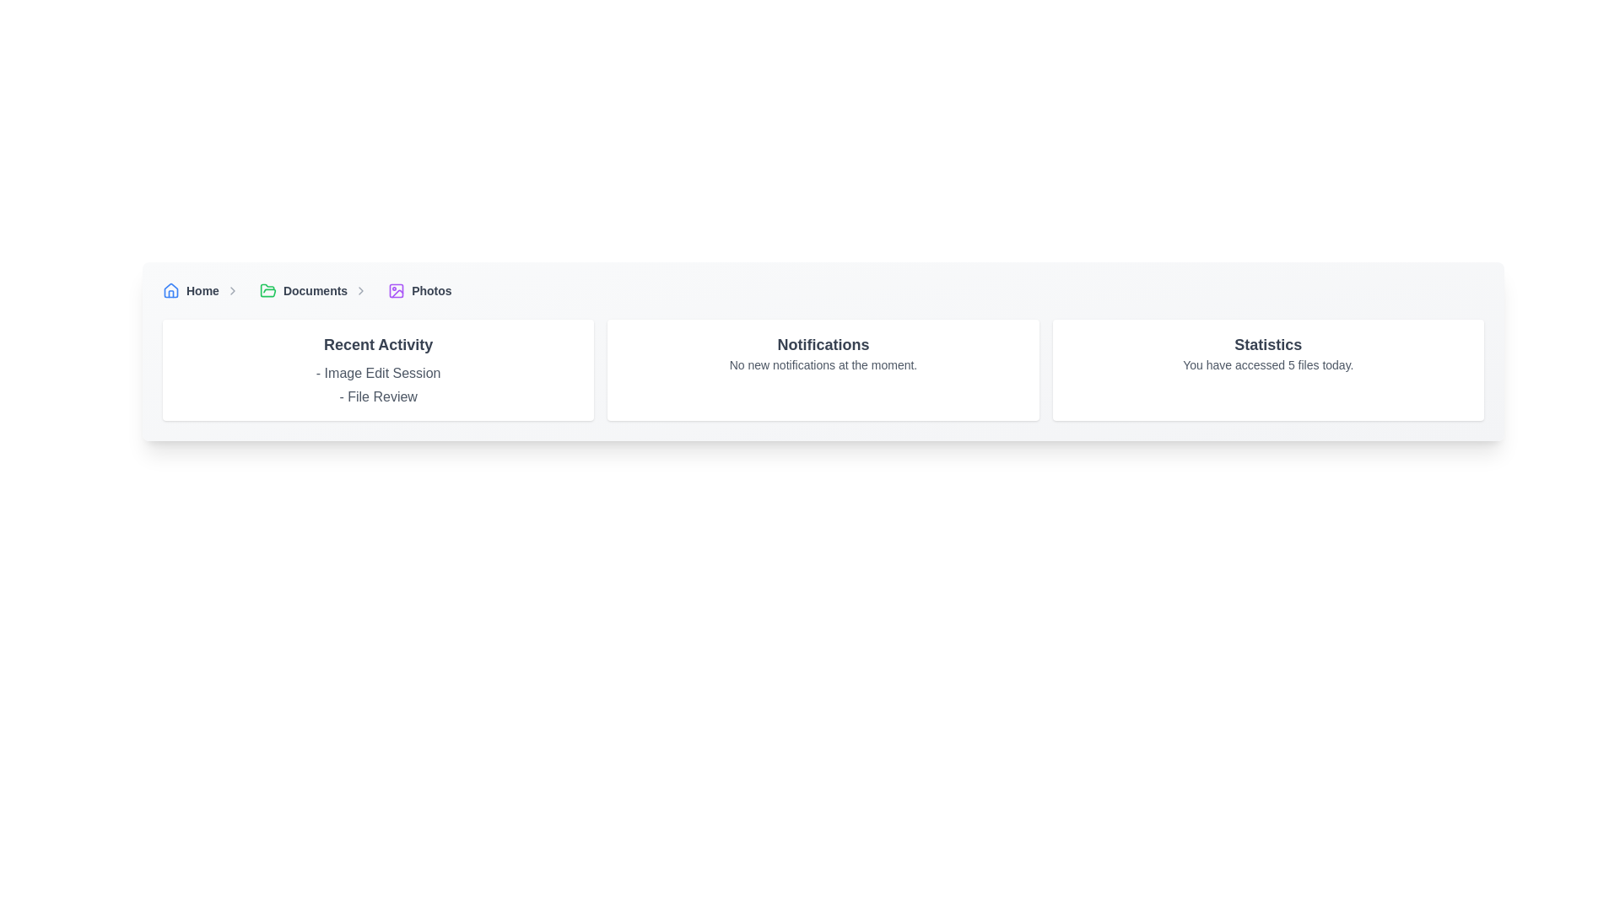 This screenshot has height=911, width=1620. What do you see at coordinates (377, 373) in the screenshot?
I see `the text label reading '- Image Edit Session' in gray font, which is the first item under the 'Recent Activity' header` at bounding box center [377, 373].